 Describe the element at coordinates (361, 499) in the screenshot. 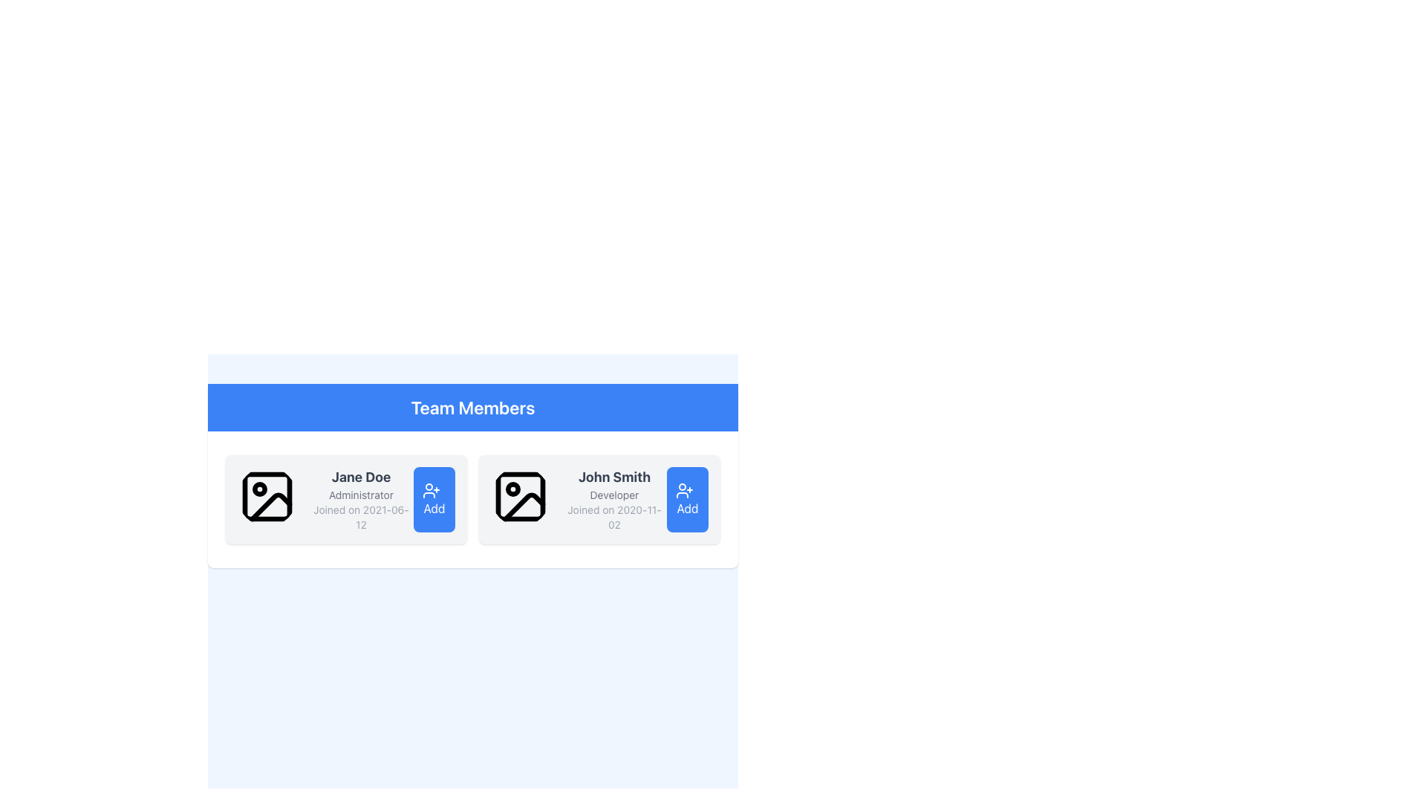

I see `the Text Label displaying information about a team member, which is located in the left card of the 'Team Members' section, to the right of a placeholder image and to the left of a blue 'Add' button` at that location.